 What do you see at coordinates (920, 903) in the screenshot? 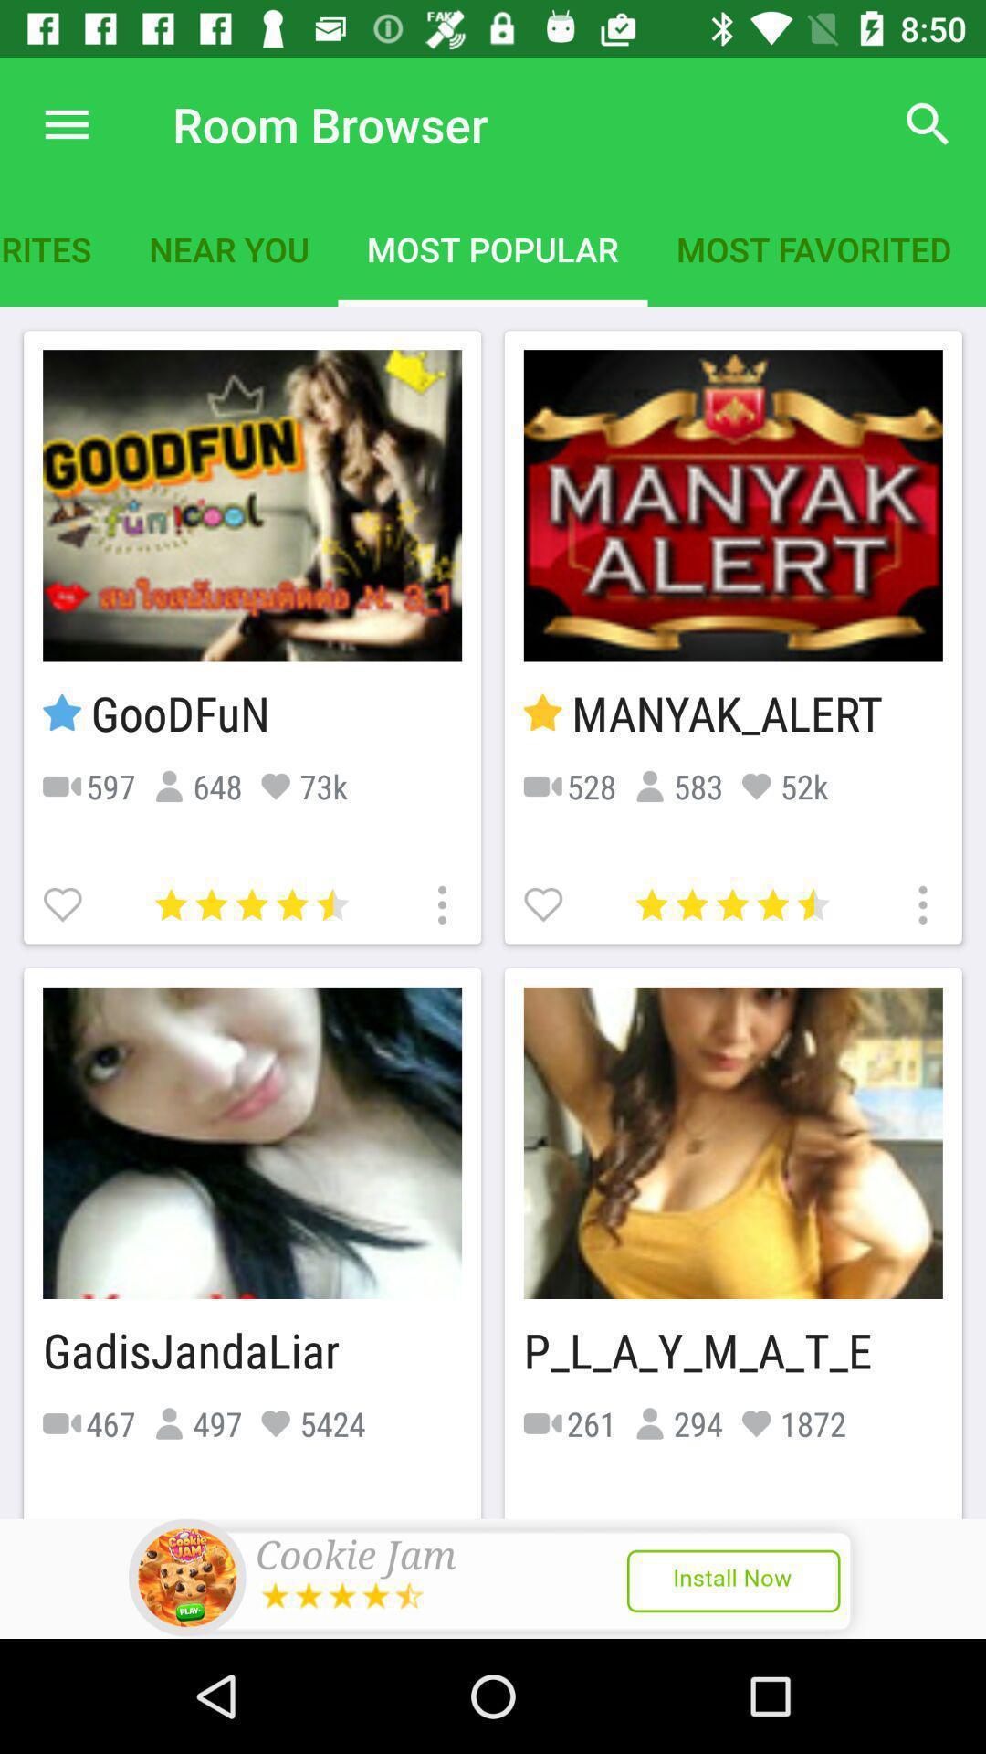
I see `settings of the game` at bounding box center [920, 903].